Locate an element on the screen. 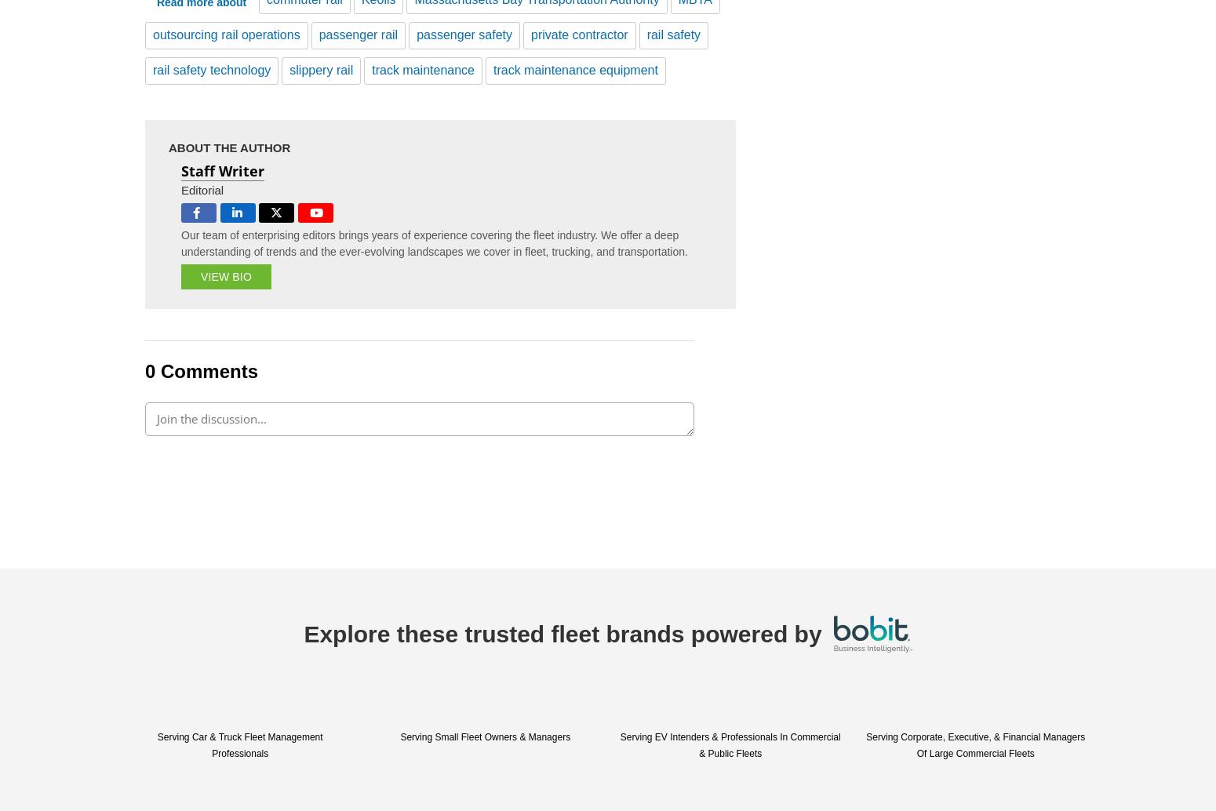  'private contractor' is located at coordinates (530, 34).